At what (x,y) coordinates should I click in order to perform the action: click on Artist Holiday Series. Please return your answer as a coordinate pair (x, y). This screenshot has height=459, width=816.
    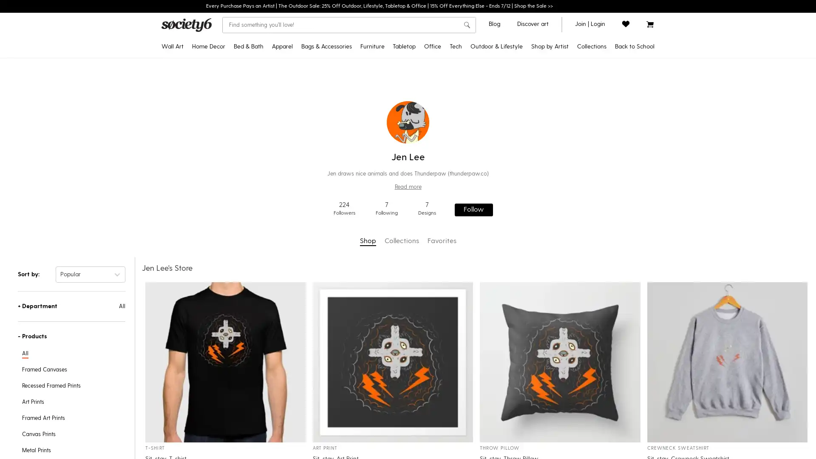
    Looking at the image, I should click on (527, 177).